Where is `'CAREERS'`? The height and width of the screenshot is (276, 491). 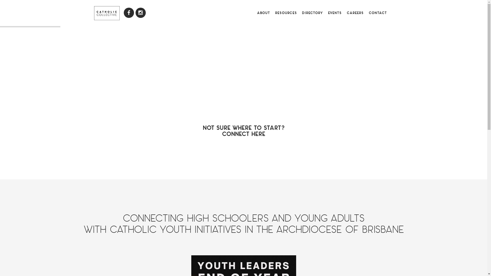 'CAREERS' is located at coordinates (344, 13).